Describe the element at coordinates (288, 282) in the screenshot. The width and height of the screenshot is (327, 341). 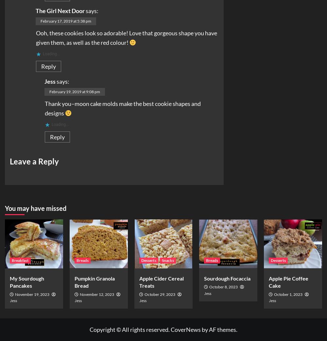
I see `'Apple Pie Coffee Cake'` at that location.